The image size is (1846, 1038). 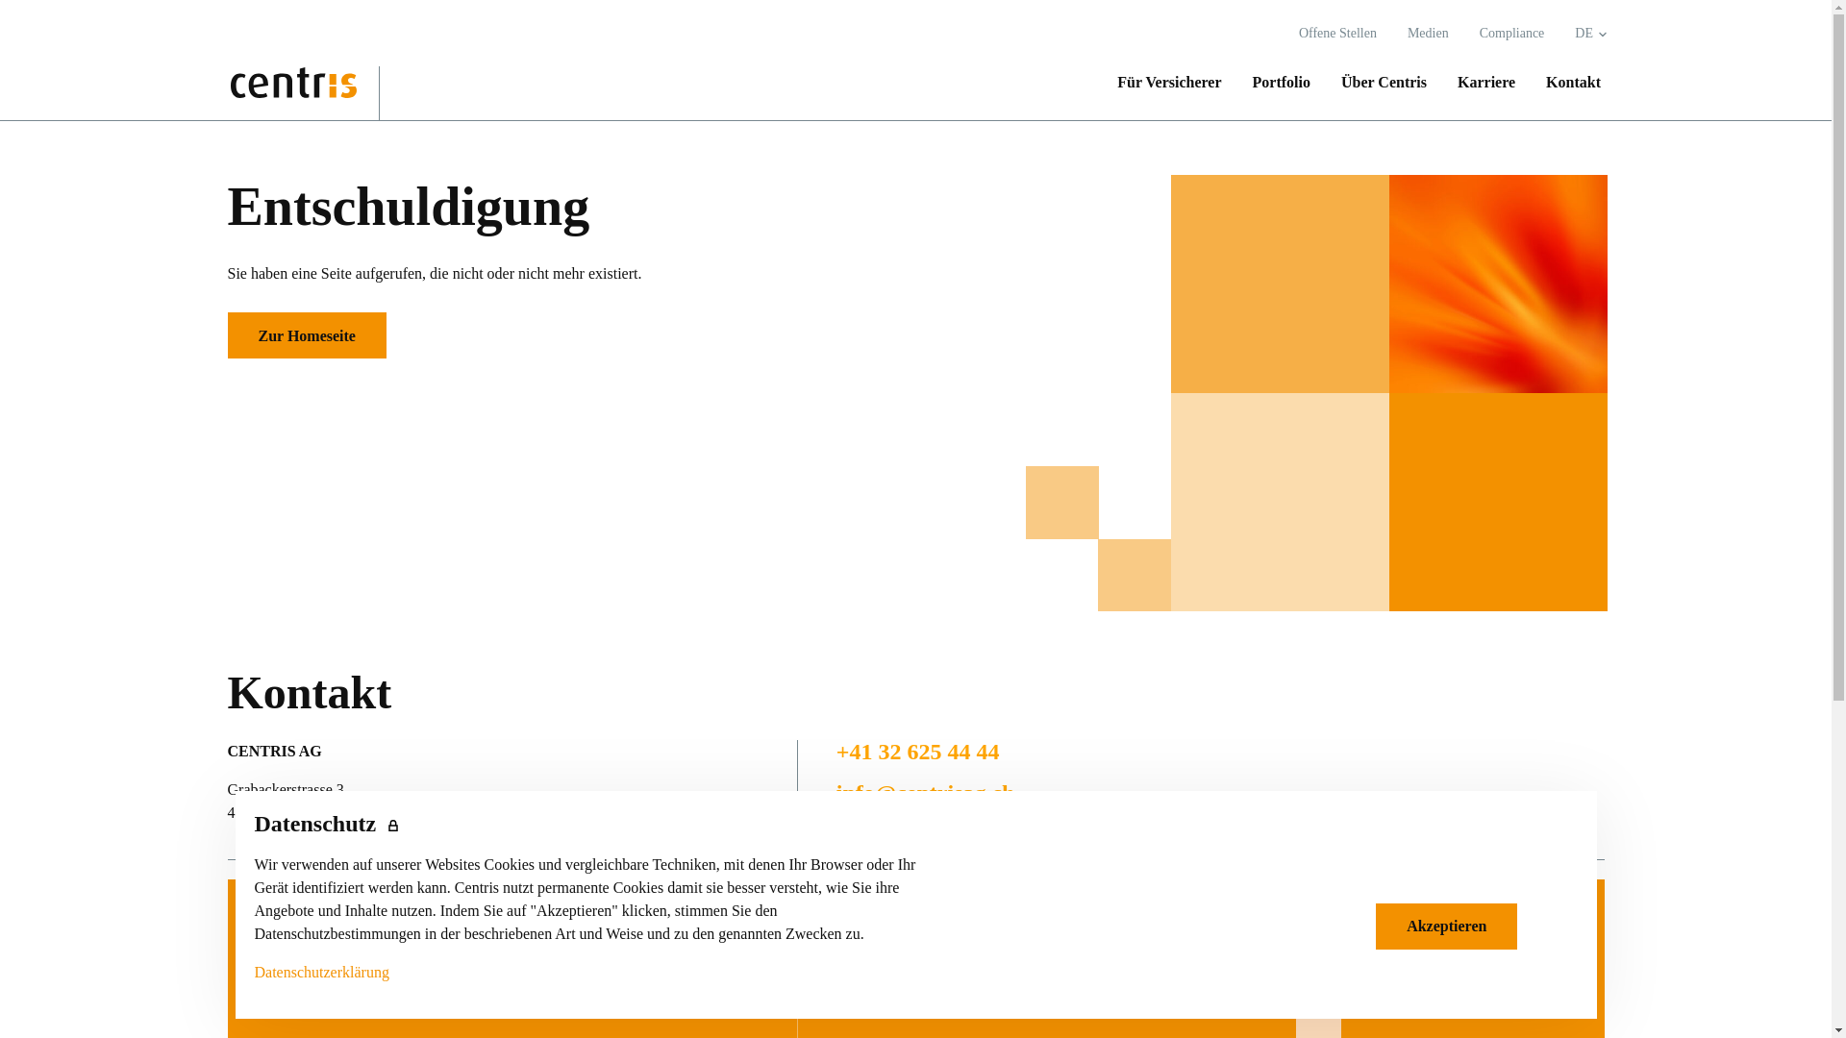 I want to click on 'Portfolio', so click(x=1282, y=81).